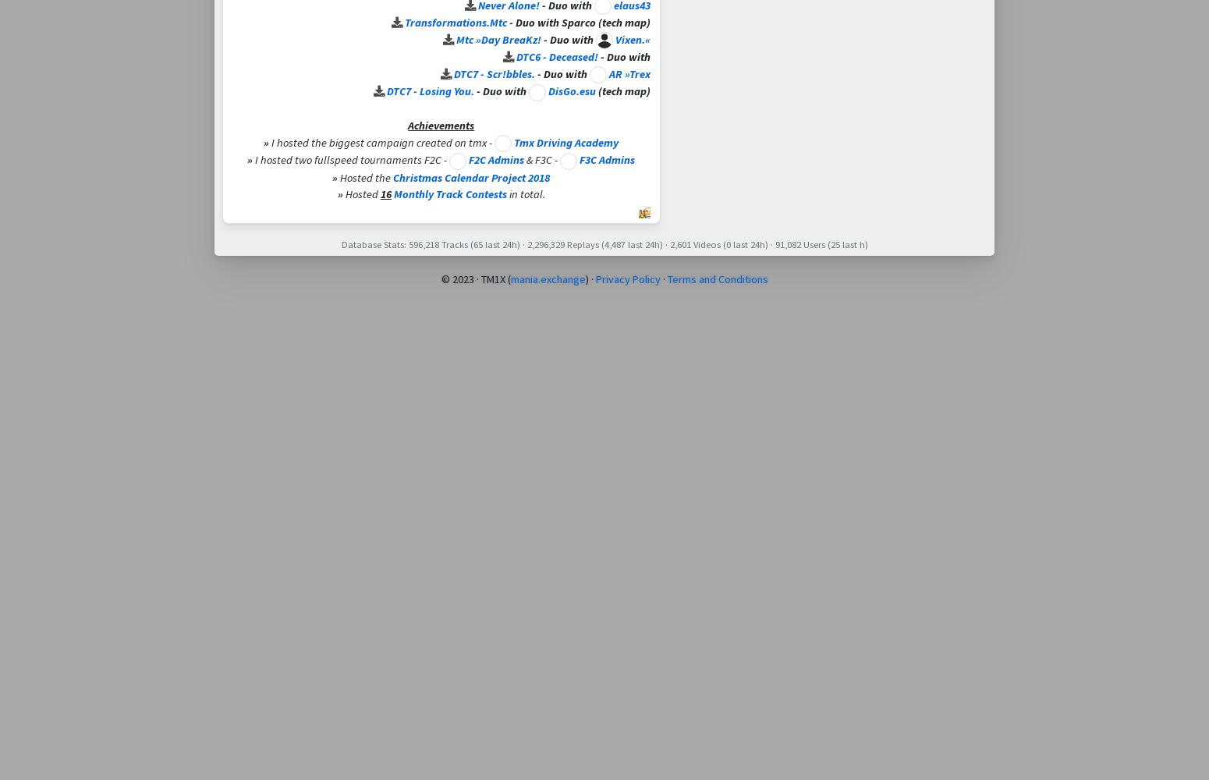 This screenshot has height=780, width=1209. I want to click on 'in total.', so click(524, 193).